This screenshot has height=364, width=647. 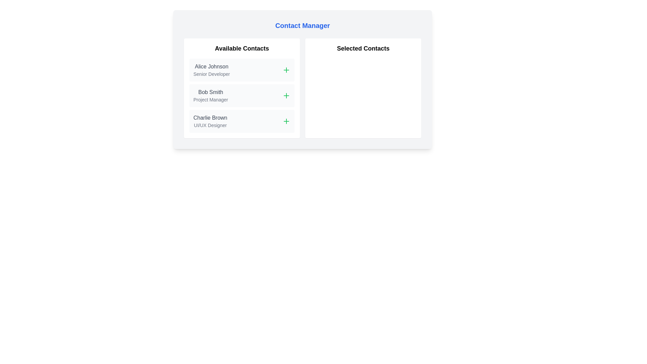 What do you see at coordinates (211, 74) in the screenshot?
I see `the text label that specifies the professional designation 'Senior Developer' of 'Alice Johnson' in the 'Available Contacts' panel` at bounding box center [211, 74].